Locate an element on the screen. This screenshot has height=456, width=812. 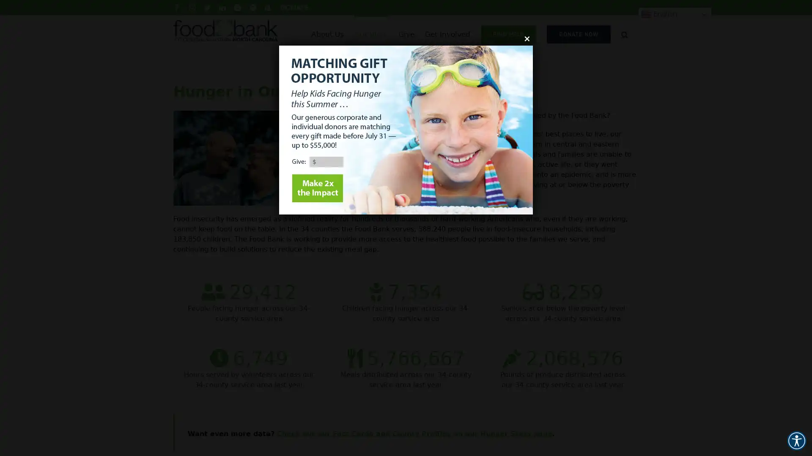
Search is located at coordinates (625, 33).